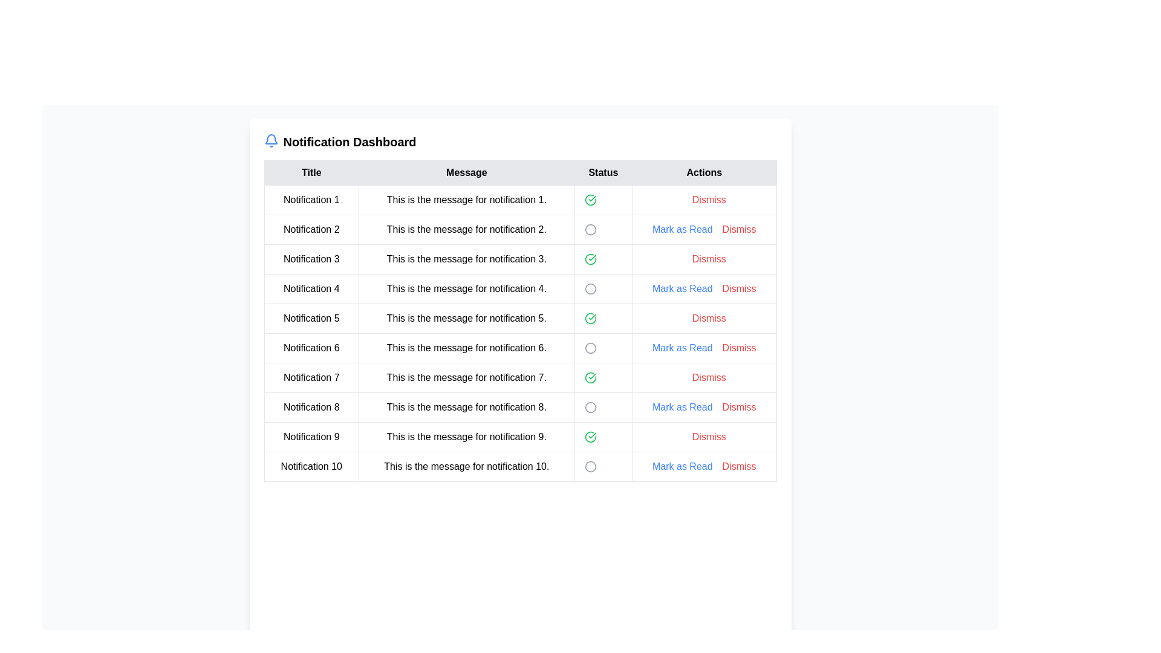  I want to click on the fifth row in the 'Notification Dashboard', so click(520, 333).